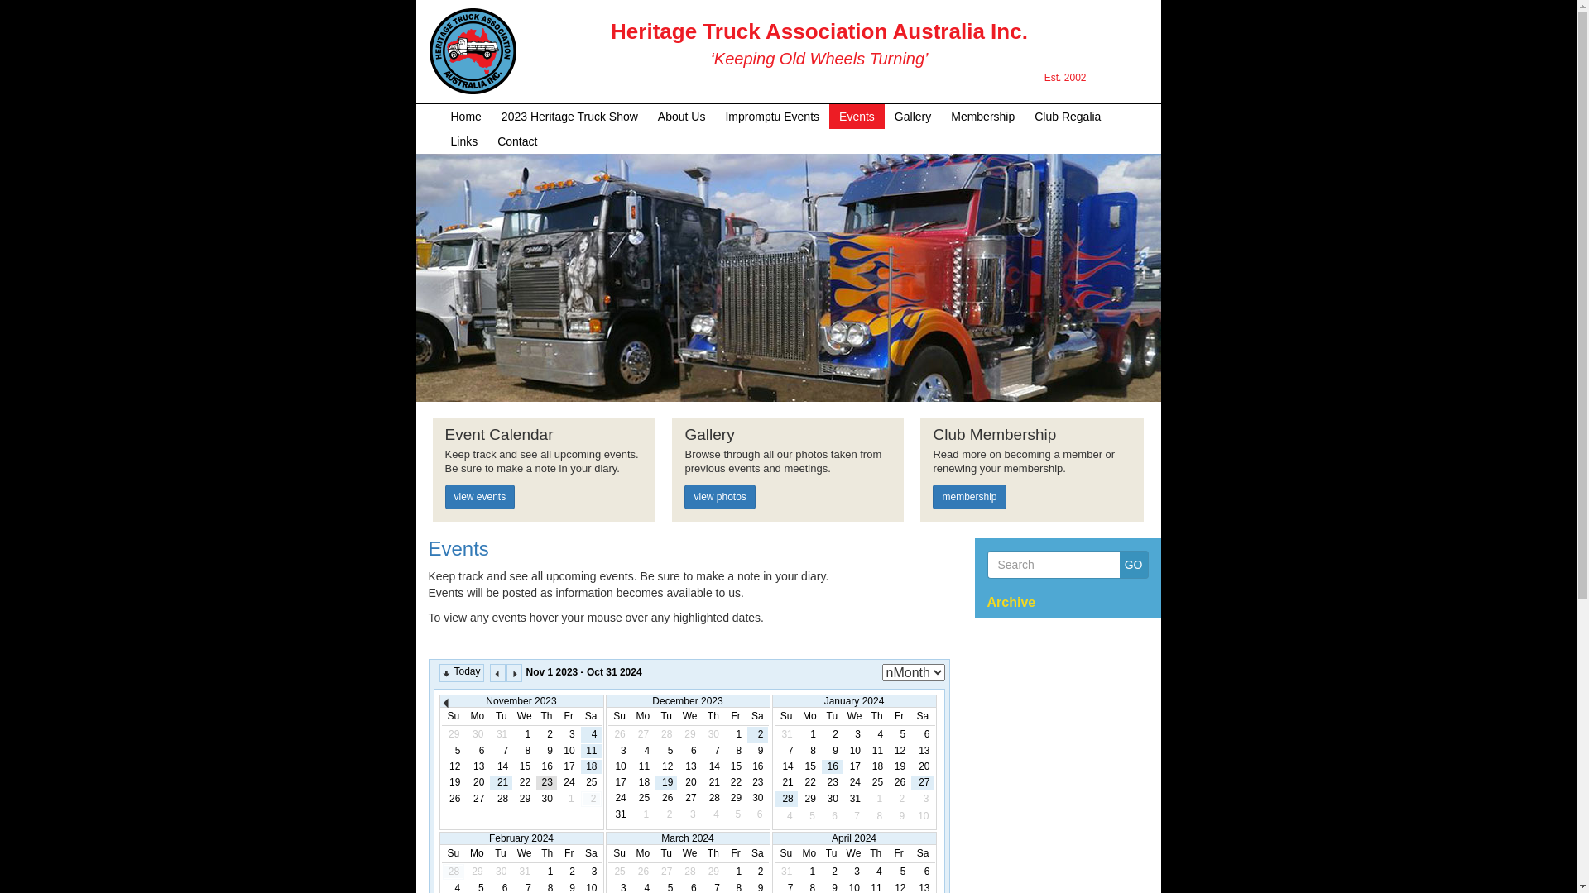  I want to click on '5', so click(454, 751).